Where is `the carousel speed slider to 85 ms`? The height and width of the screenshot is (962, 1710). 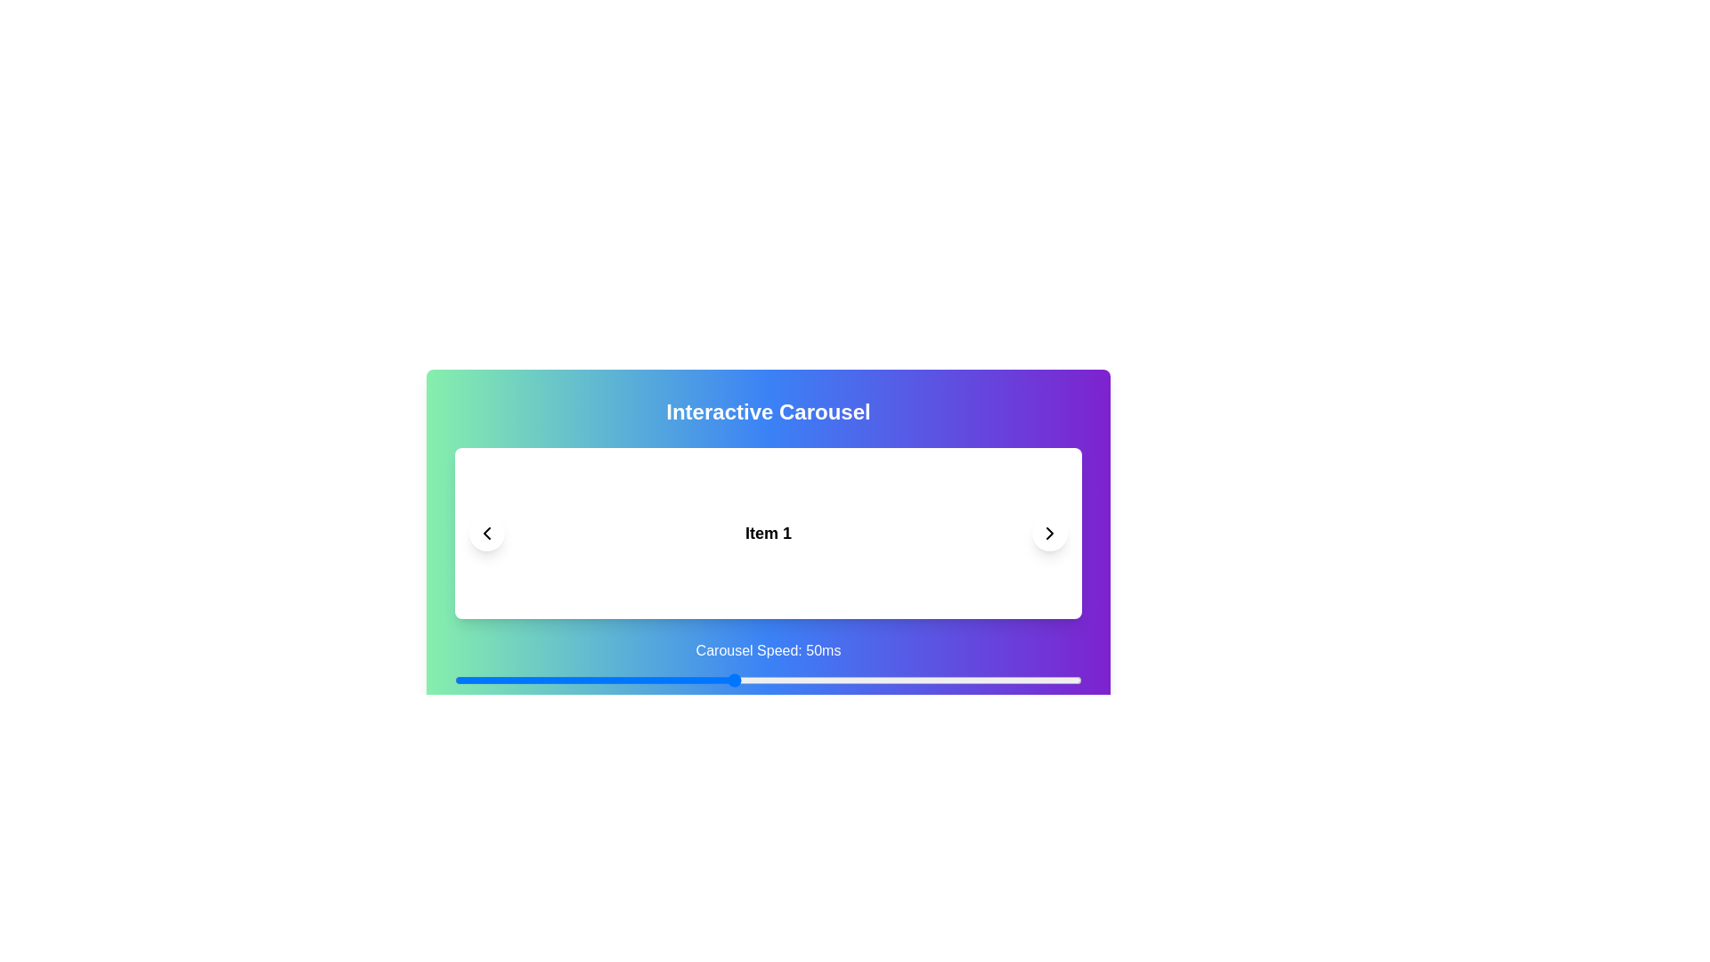
the carousel speed slider to 85 ms is located at coordinates (976, 680).